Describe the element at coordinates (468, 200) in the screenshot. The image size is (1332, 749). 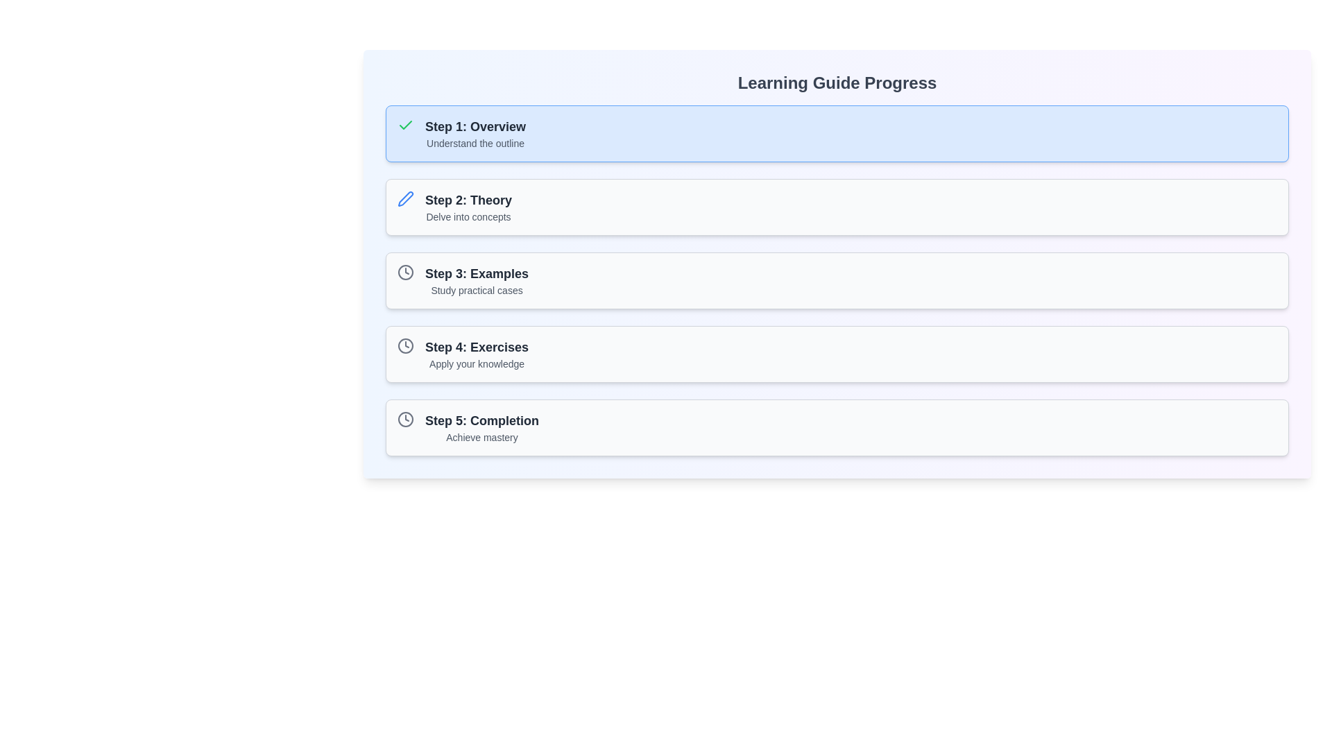
I see `the Text Label that serves as the title for the second step in the multi-step guide, located in the main vertical column of items` at that location.